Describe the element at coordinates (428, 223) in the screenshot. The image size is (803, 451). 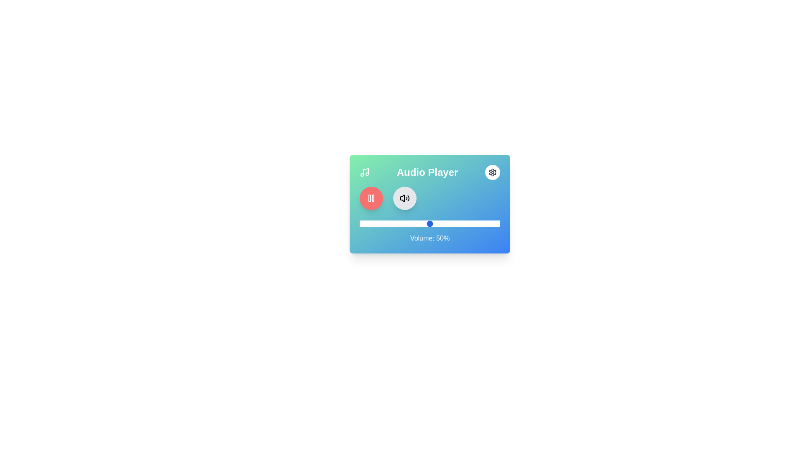
I see `the audio player's volume` at that location.